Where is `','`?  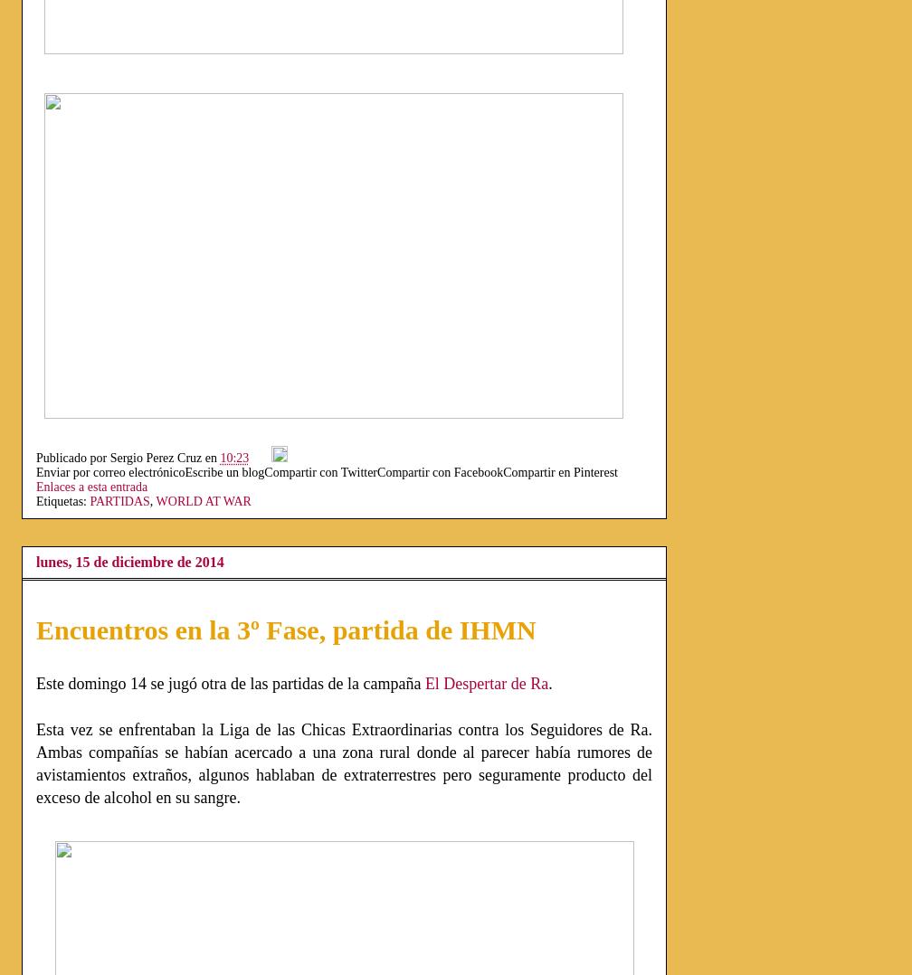
',' is located at coordinates (152, 500).